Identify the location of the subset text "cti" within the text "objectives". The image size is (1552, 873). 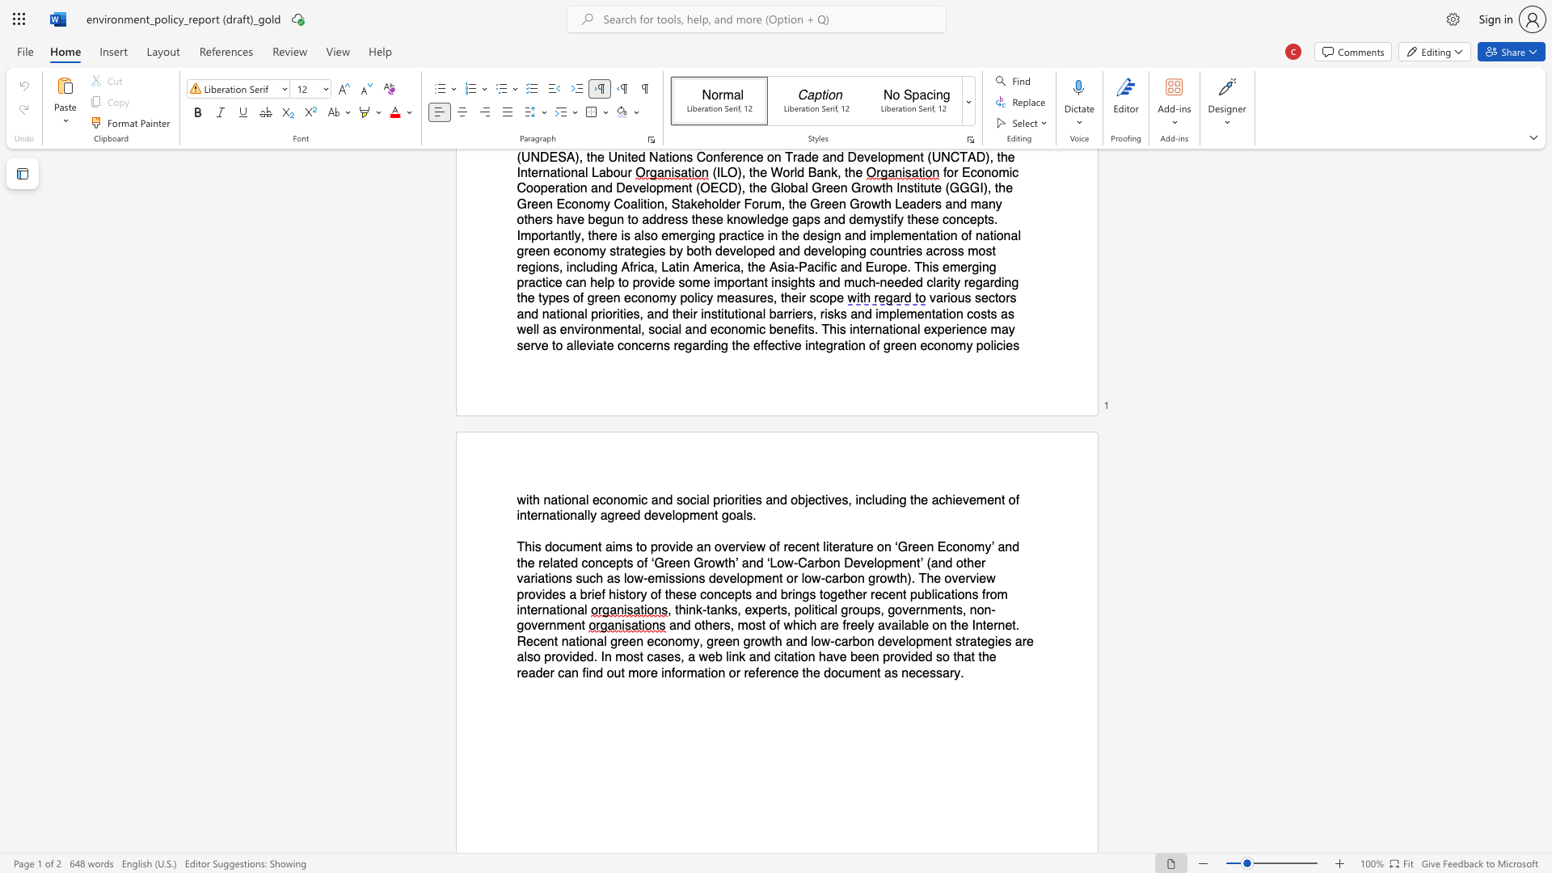
(815, 499).